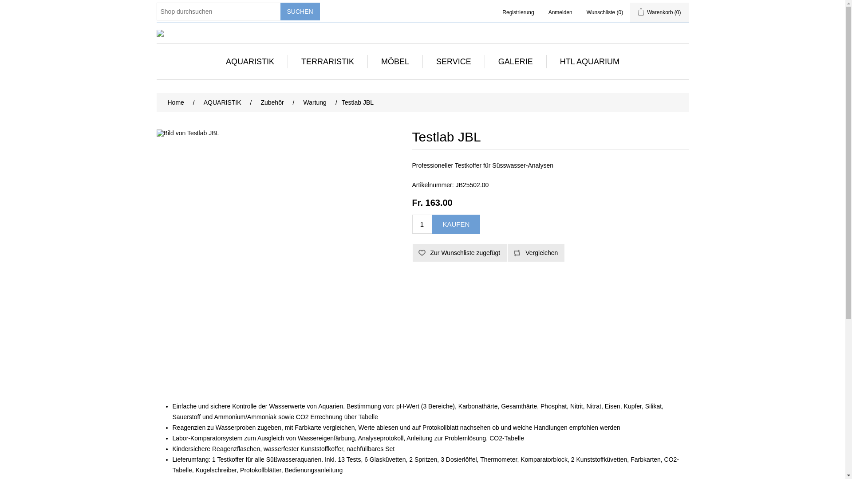 The height and width of the screenshot is (479, 852). I want to click on 'TERRARISTIK', so click(327, 61).